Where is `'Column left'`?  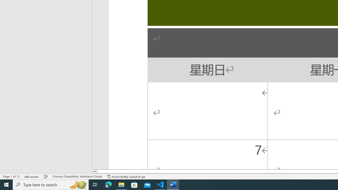 'Column left' is located at coordinates (95, 171).